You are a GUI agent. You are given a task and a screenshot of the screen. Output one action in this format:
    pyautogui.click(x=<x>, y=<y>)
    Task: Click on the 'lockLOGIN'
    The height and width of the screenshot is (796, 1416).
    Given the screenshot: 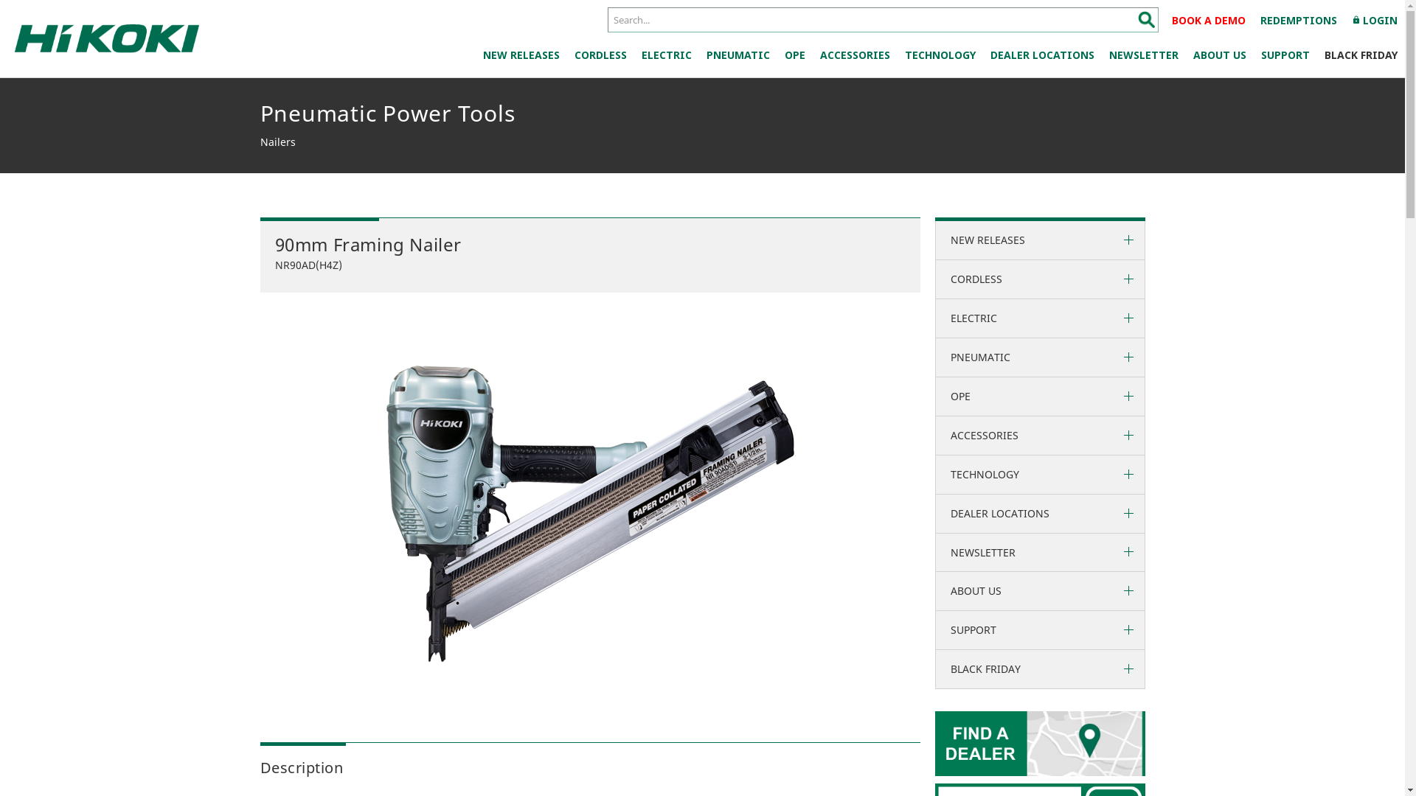 What is the action you would take?
    pyautogui.click(x=1373, y=20)
    